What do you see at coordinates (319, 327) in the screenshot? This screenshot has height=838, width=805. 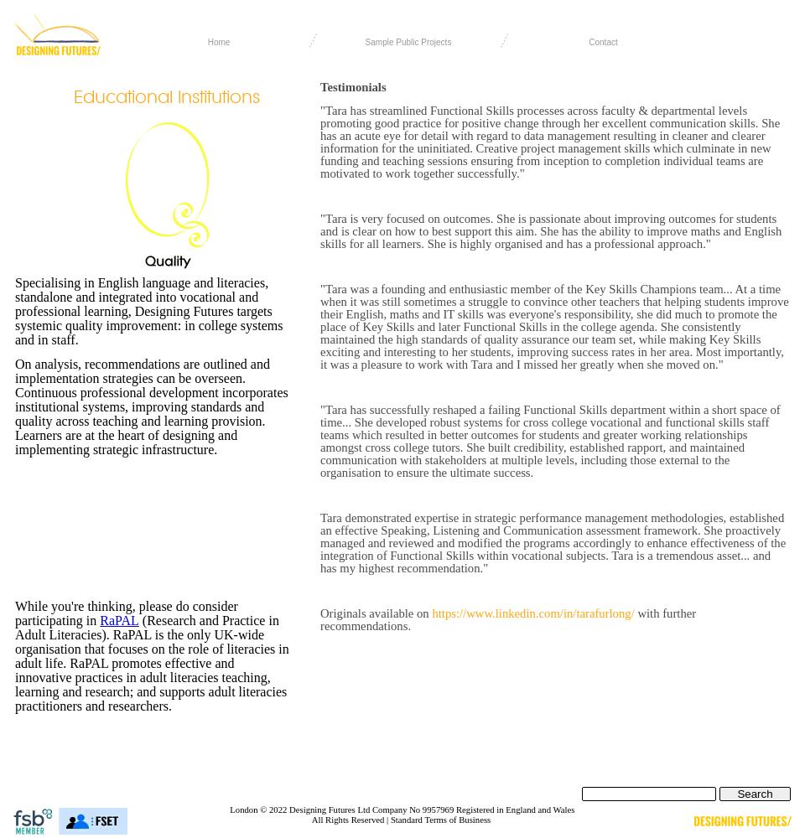 I see `'"Tara was a founding and enthusiastic member of the Key Skills Champions team... At a time when it was still sometimes a struggle to convince other teachers that helping students improve their English, maths and IT skills was everyone's responsibility, she did much to promote the place of Key Skills and later Functional Skills in the college agenda. She consistently maintained the high standards of quality assurance our team set, while making Key Skills exciting and interesting to her students, improving success rates in her area. Most importantly, it was a pleasure to work with Tara and I missed her greatly when she moved on."'` at bounding box center [319, 327].